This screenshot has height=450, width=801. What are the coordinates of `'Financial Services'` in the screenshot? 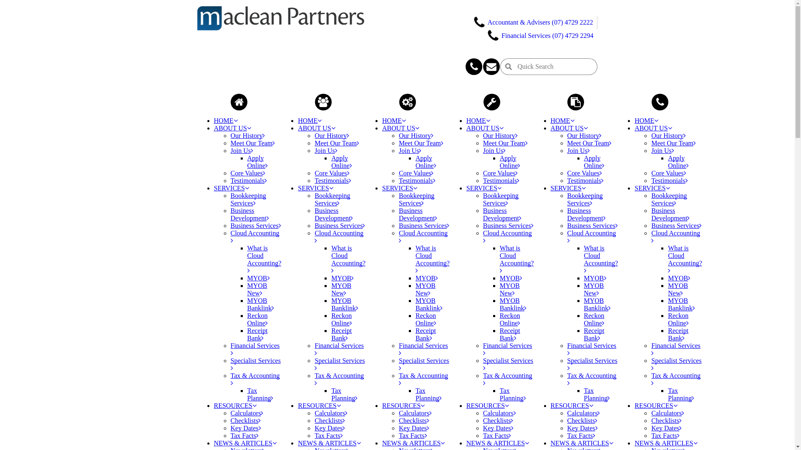 It's located at (592, 349).